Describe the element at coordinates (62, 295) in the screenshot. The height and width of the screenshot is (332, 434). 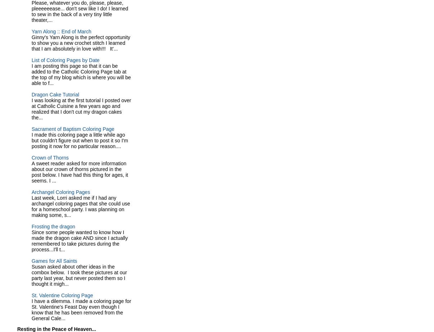
I see `'St. Valentine Coloring Page'` at that location.